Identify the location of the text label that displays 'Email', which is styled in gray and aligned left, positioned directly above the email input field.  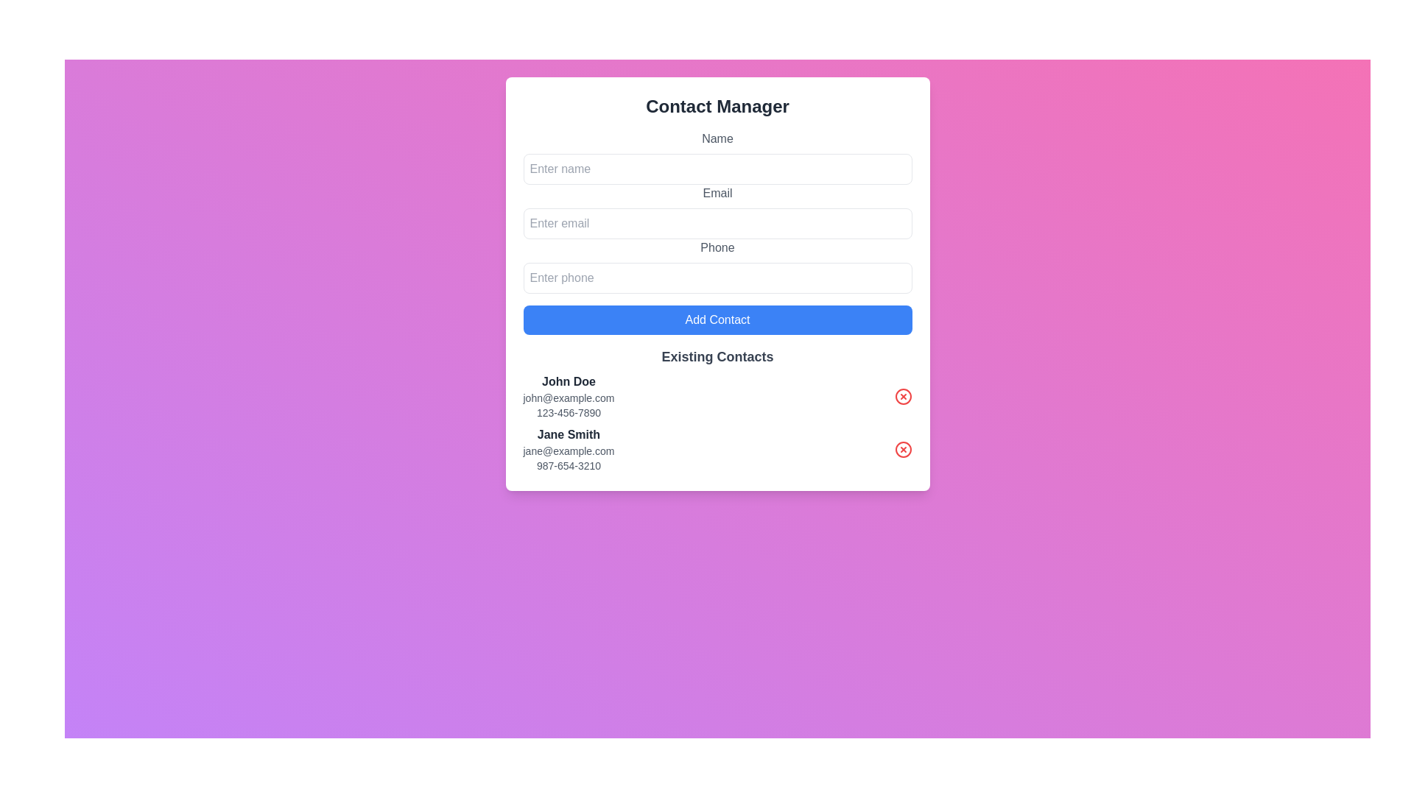
(717, 192).